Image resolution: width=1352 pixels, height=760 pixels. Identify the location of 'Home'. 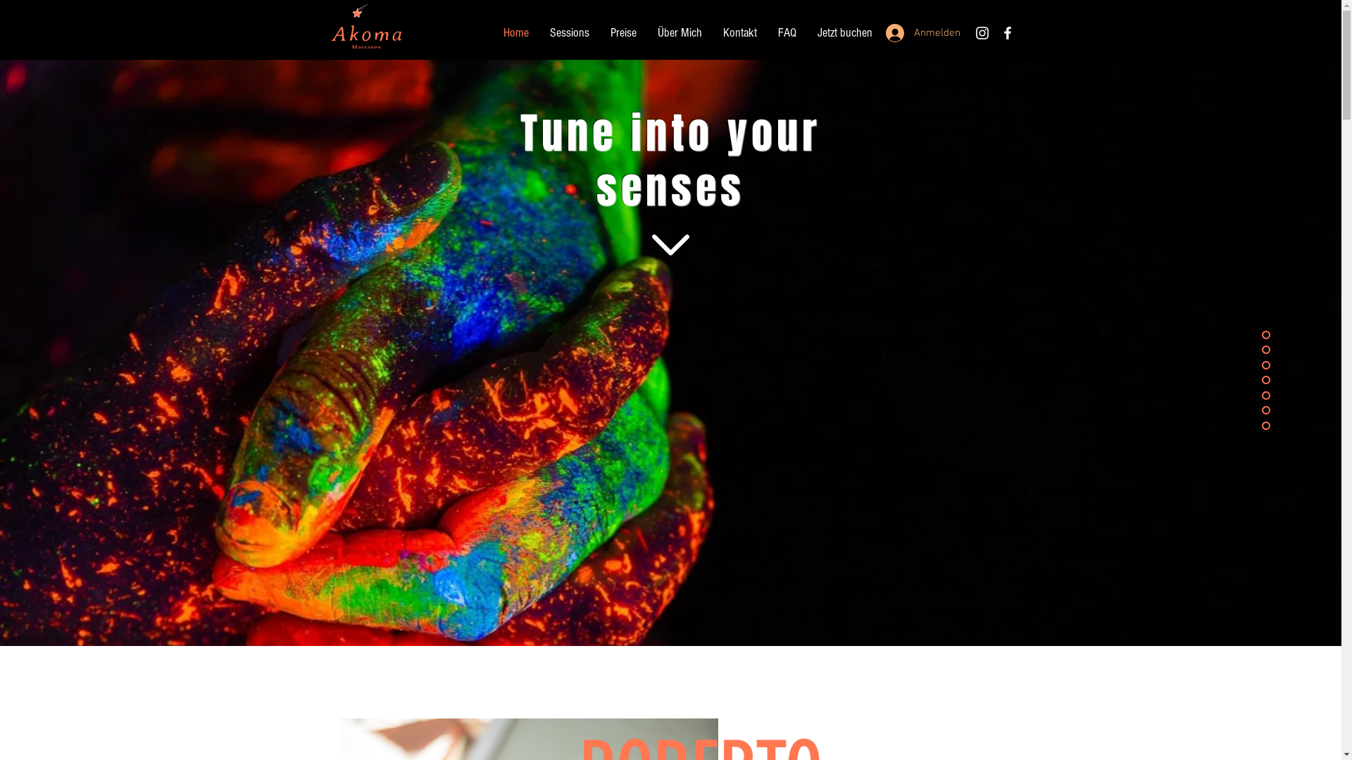
(515, 32).